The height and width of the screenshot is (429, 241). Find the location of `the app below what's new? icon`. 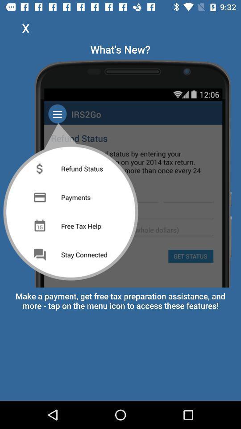

the app below what's new? icon is located at coordinates (120, 171).